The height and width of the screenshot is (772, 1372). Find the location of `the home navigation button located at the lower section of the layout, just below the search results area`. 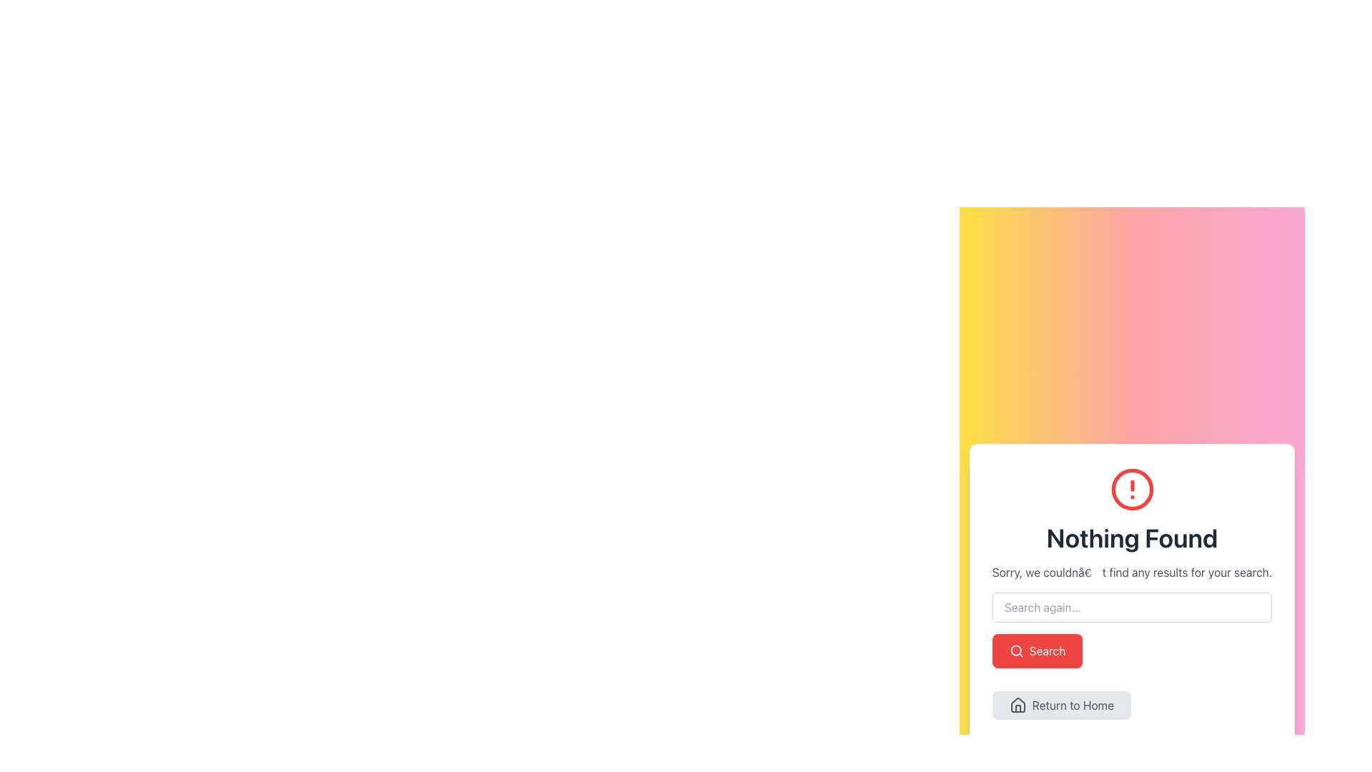

the home navigation button located at the lower section of the layout, just below the search results area is located at coordinates (1061, 705).